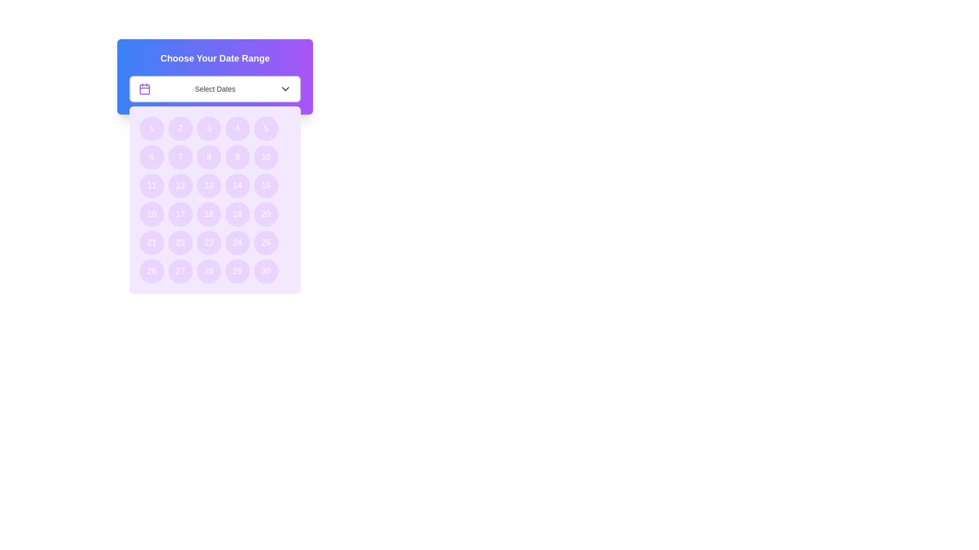  I want to click on the circular button with the number '24' centered inside it, so click(237, 243).